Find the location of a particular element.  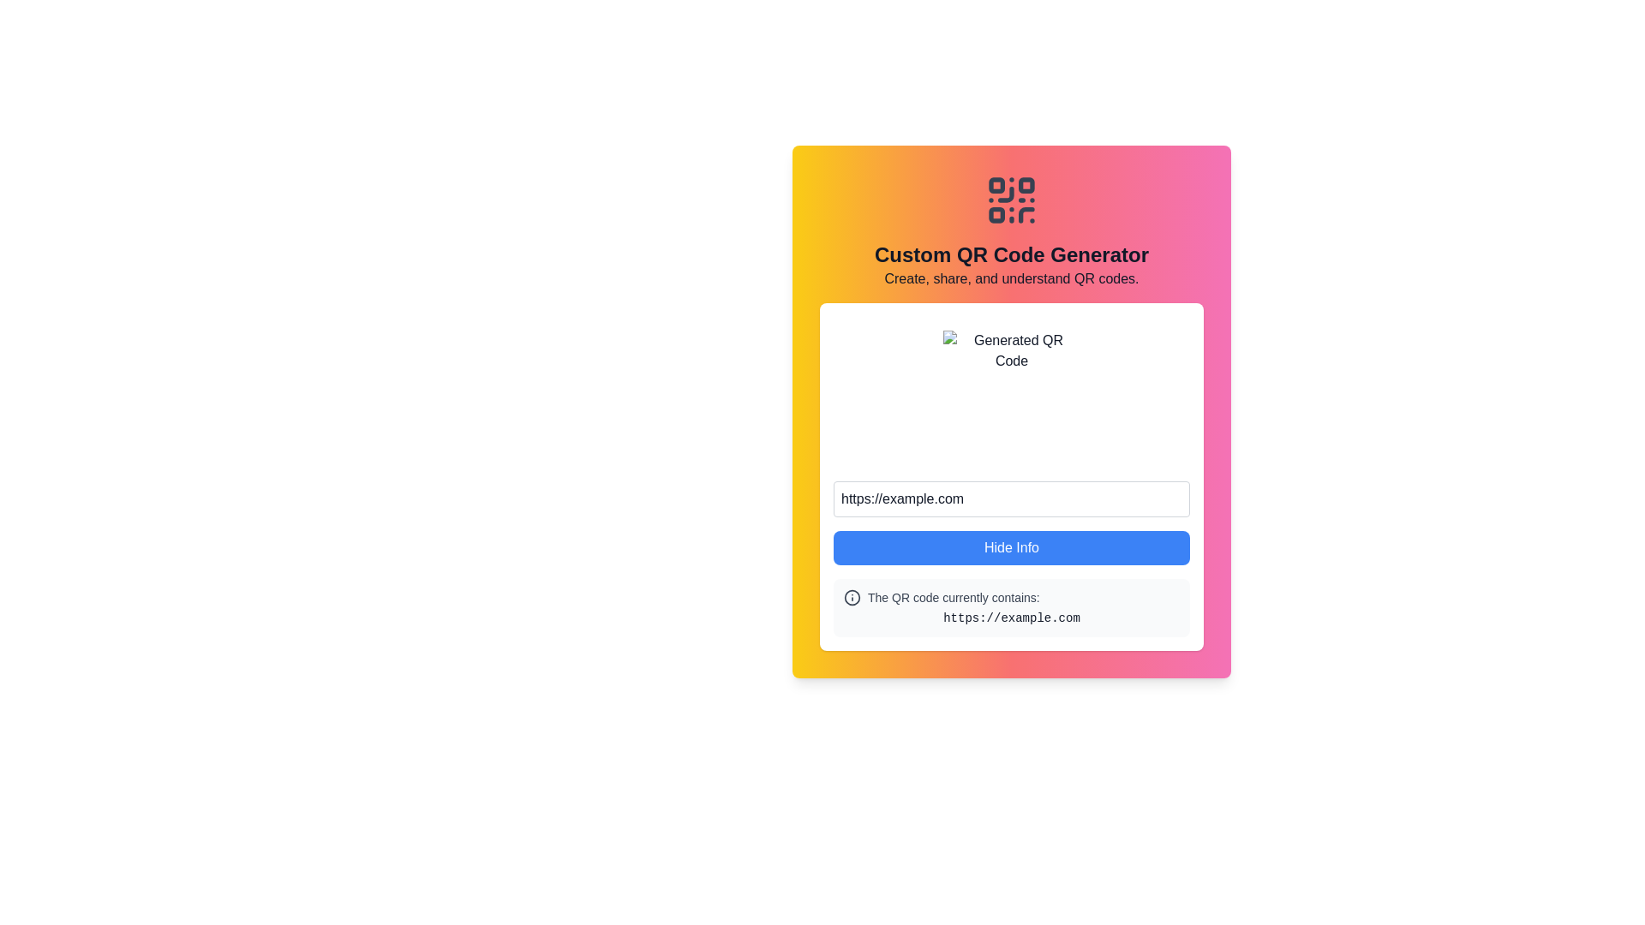

the second square from the left within the QR code icon at the top center of the page, which is dark in color and positioned distinctly at the top right of the QR code icon is located at coordinates (1026, 185).